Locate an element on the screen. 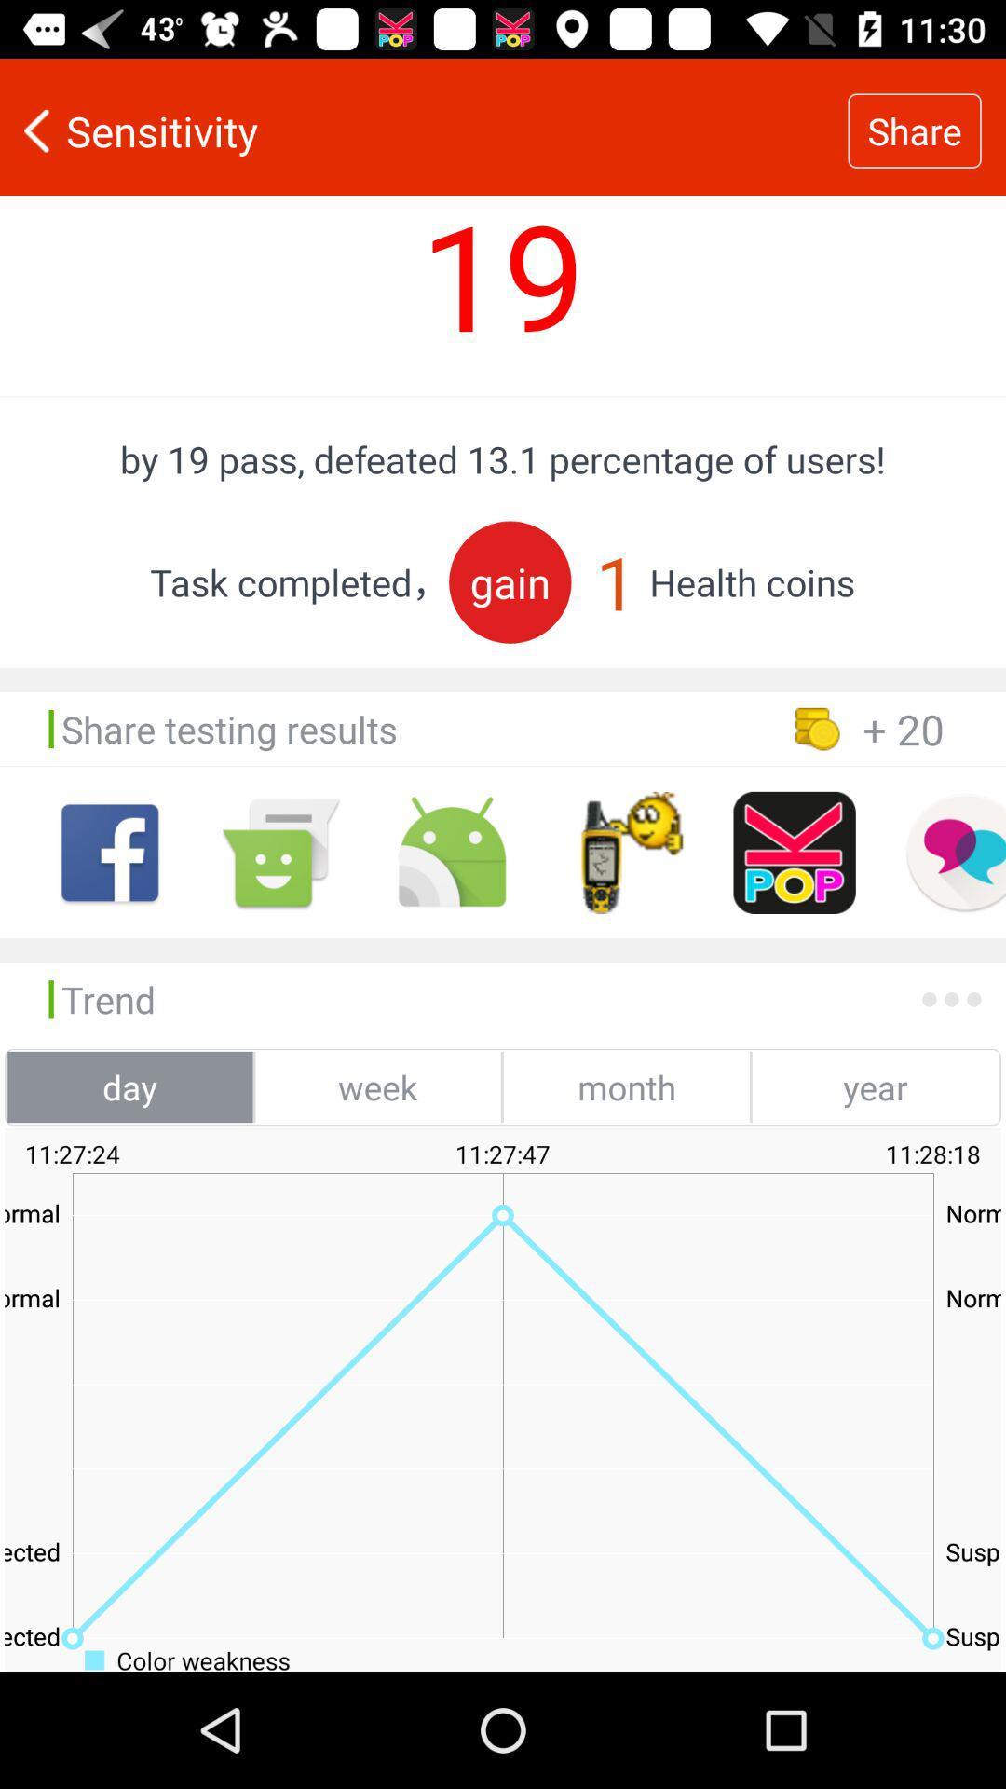 Image resolution: width=1006 pixels, height=1789 pixels. share on facebook is located at coordinates (110, 852).